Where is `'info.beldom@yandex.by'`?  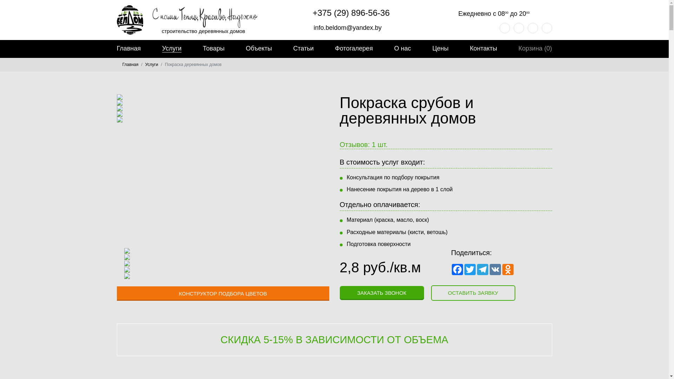
'info.beldom@yandex.by' is located at coordinates (341, 27).